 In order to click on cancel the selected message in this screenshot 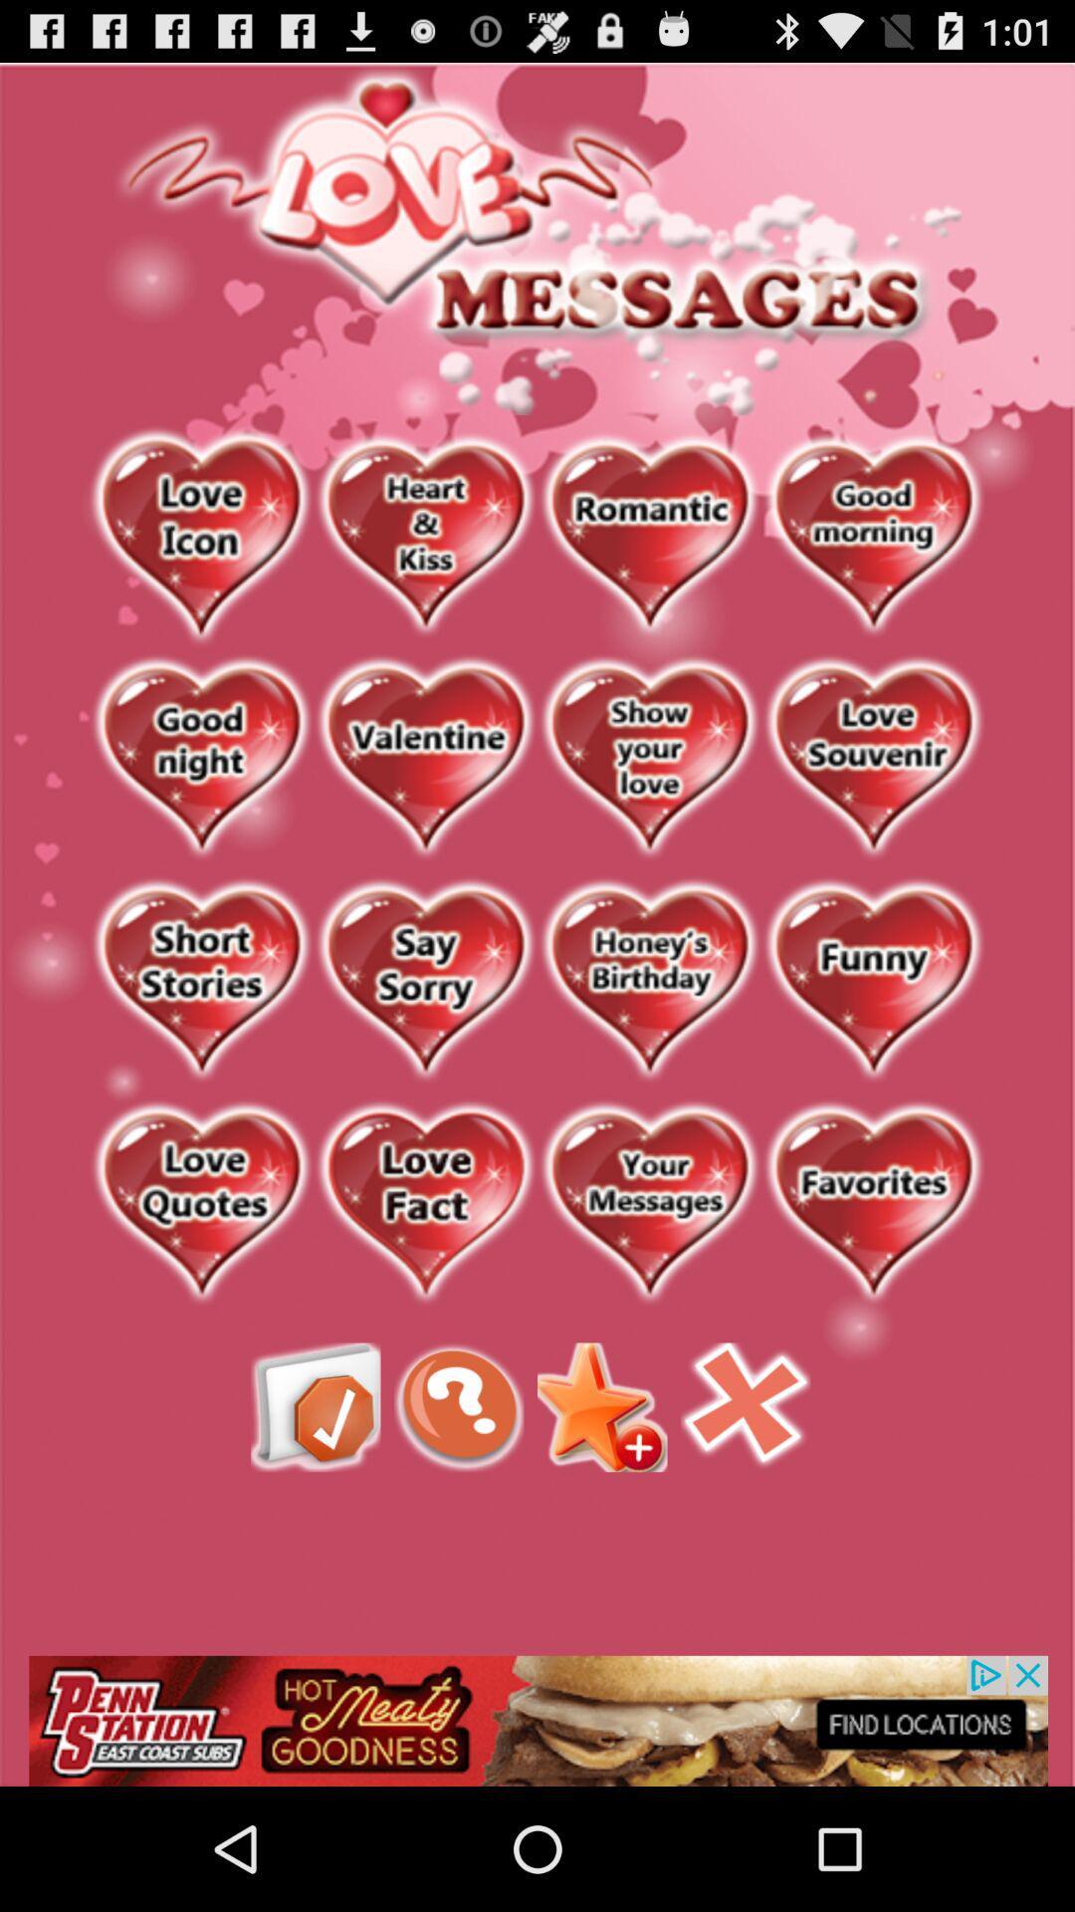, I will do `click(746, 1406)`.